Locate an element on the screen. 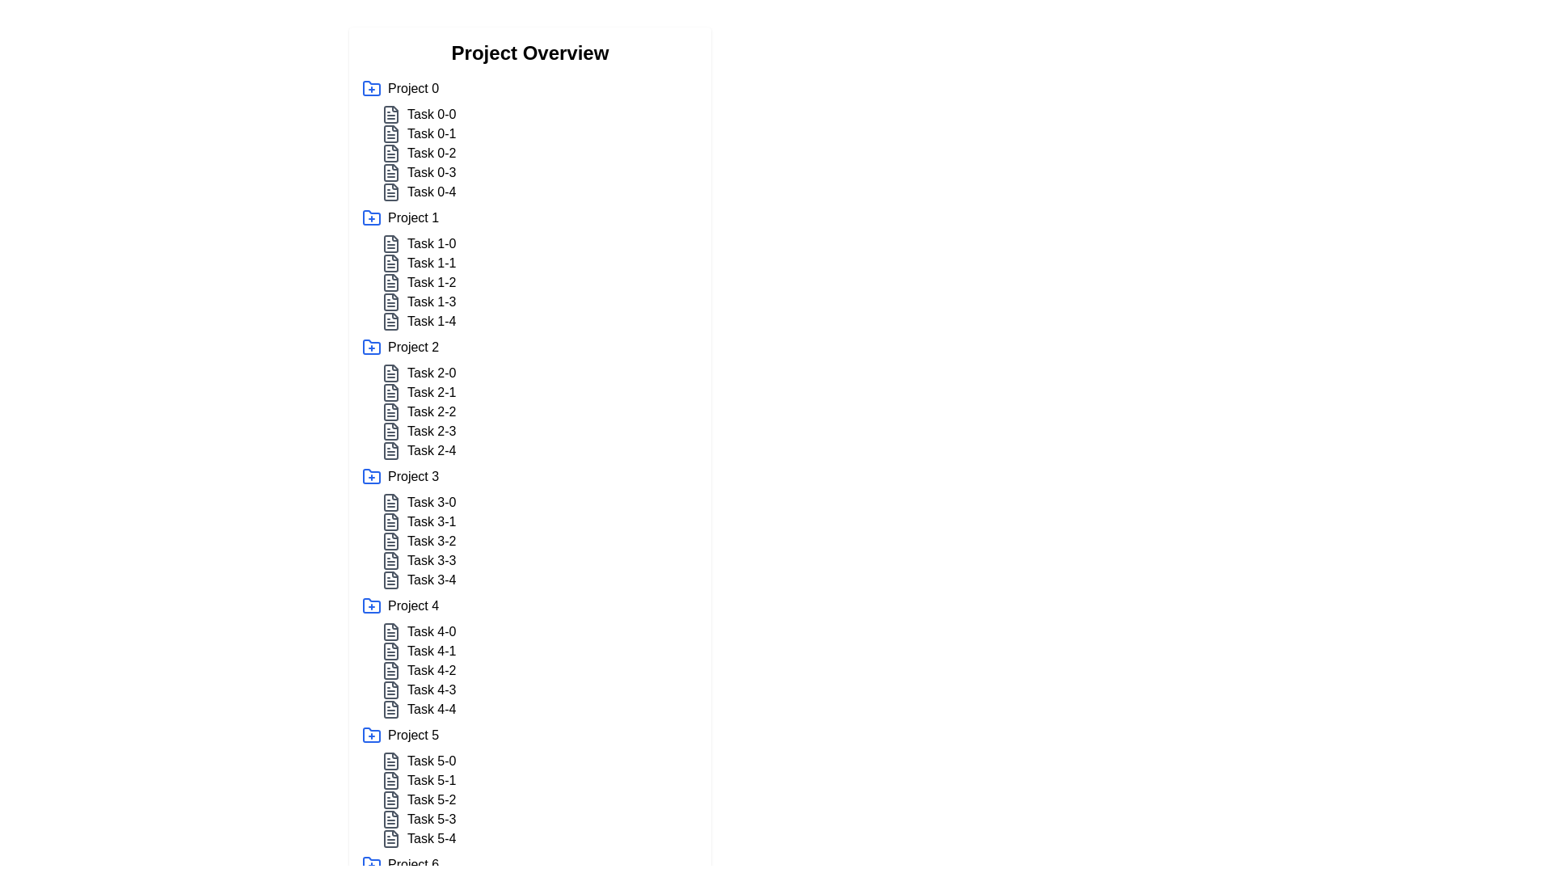  to select the text label displaying 'Project 3', located next to the blue folder icon in the 'Project Overview' section is located at coordinates (413, 476).